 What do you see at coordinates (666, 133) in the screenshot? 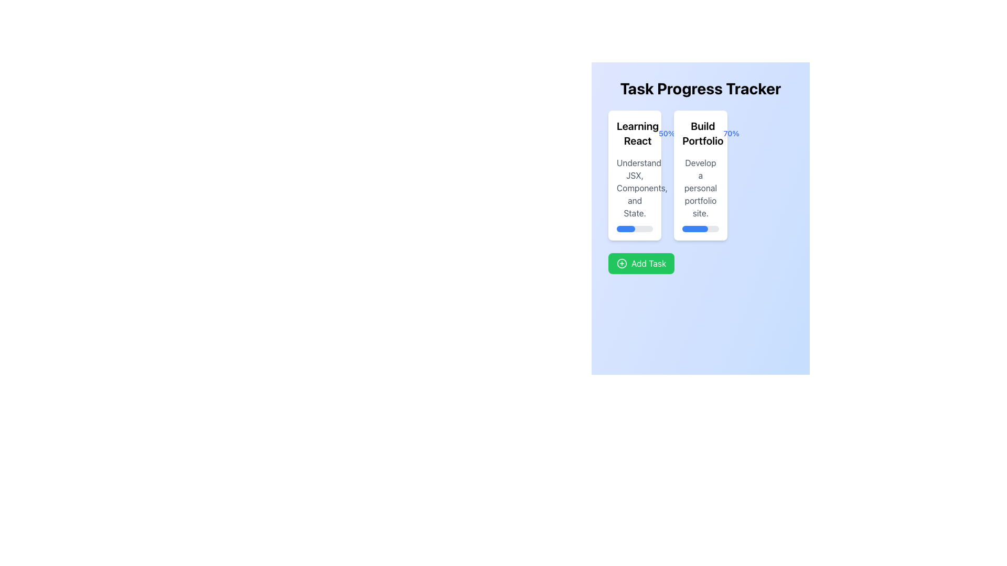
I see `the progress percentage text (50%) displayed for the task titled 'Learning React' in the upper-right corner of the progress card` at bounding box center [666, 133].